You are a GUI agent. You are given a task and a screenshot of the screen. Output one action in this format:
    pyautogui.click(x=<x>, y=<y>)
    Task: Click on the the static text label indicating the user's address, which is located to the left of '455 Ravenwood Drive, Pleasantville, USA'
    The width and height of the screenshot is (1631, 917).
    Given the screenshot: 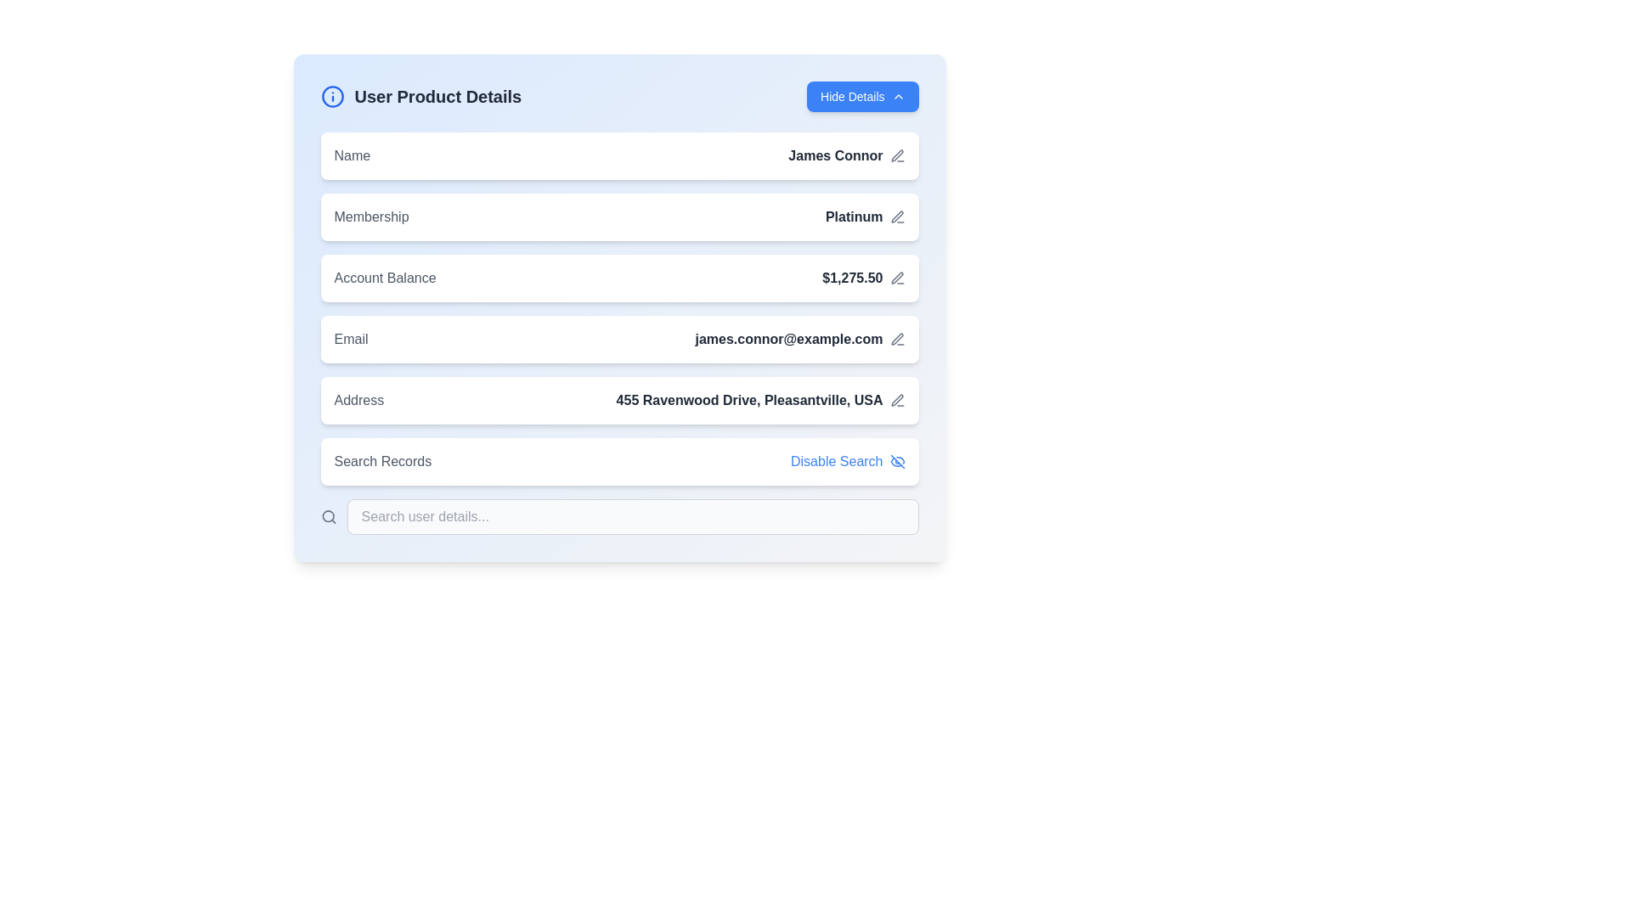 What is the action you would take?
    pyautogui.click(x=358, y=400)
    